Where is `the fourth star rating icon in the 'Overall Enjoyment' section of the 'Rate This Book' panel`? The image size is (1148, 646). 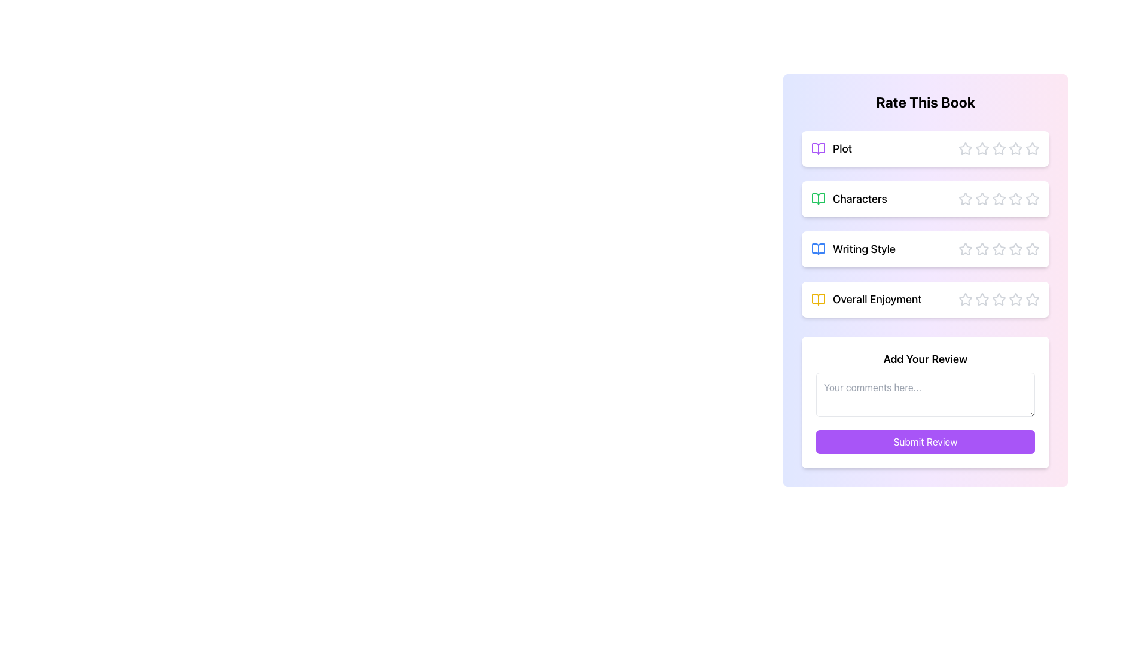
the fourth star rating icon in the 'Overall Enjoyment' section of the 'Rate This Book' panel is located at coordinates (982, 298).